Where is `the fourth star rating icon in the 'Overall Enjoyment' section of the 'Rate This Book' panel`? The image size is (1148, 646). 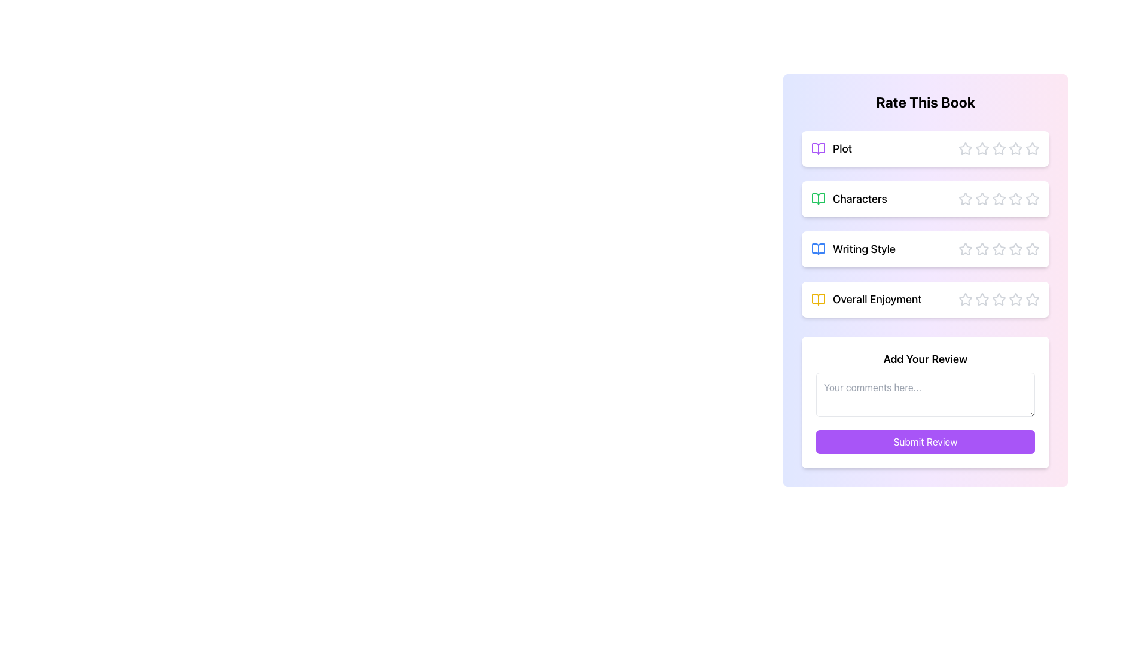
the fourth star rating icon in the 'Overall Enjoyment' section of the 'Rate This Book' panel is located at coordinates (982, 298).